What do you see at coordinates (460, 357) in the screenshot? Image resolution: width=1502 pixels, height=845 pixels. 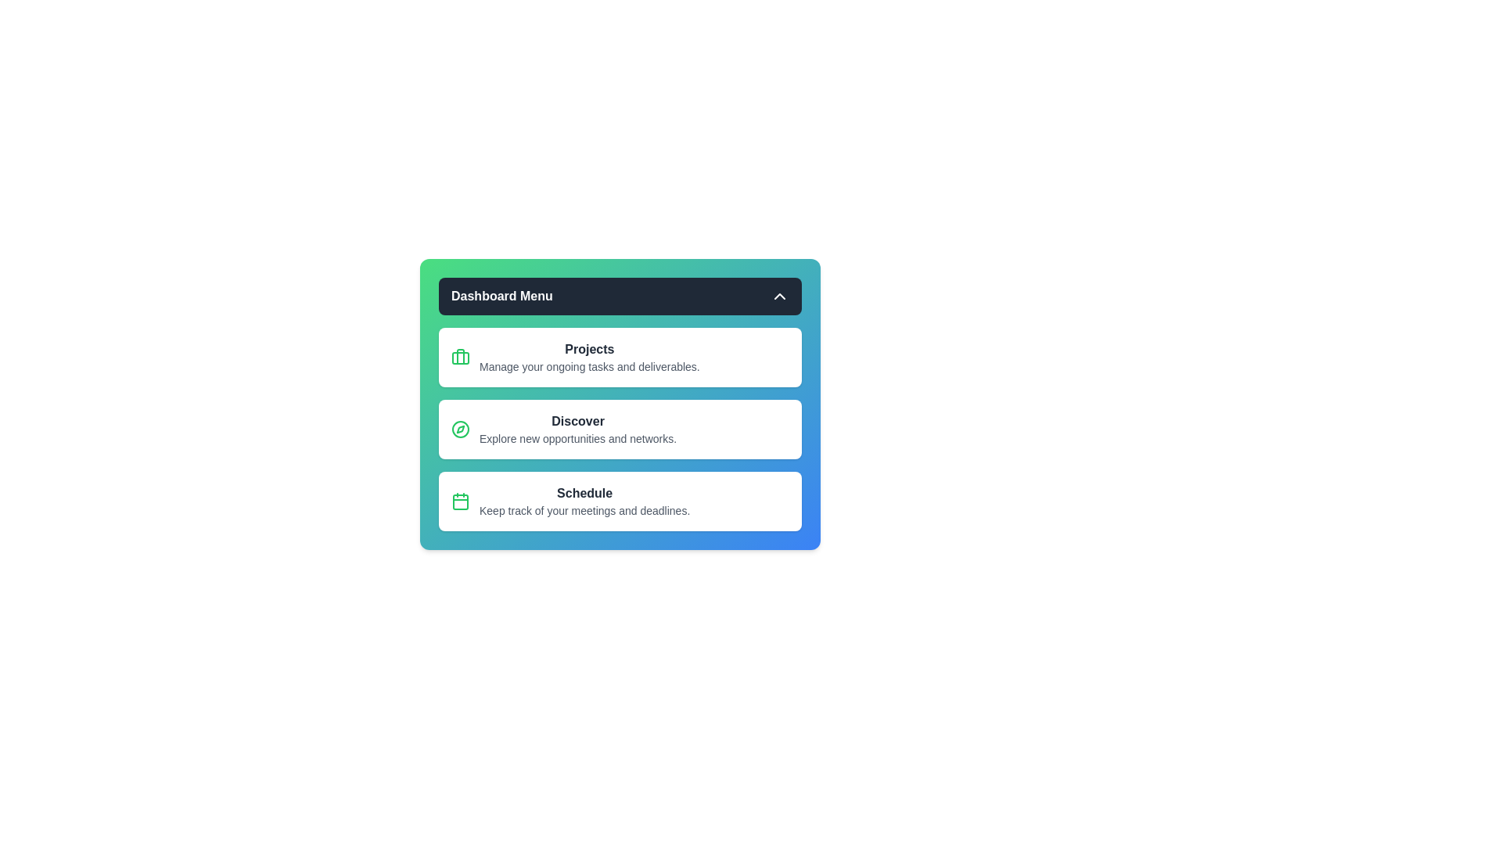 I see `the icon of the menu item corresponding to Projects` at bounding box center [460, 357].